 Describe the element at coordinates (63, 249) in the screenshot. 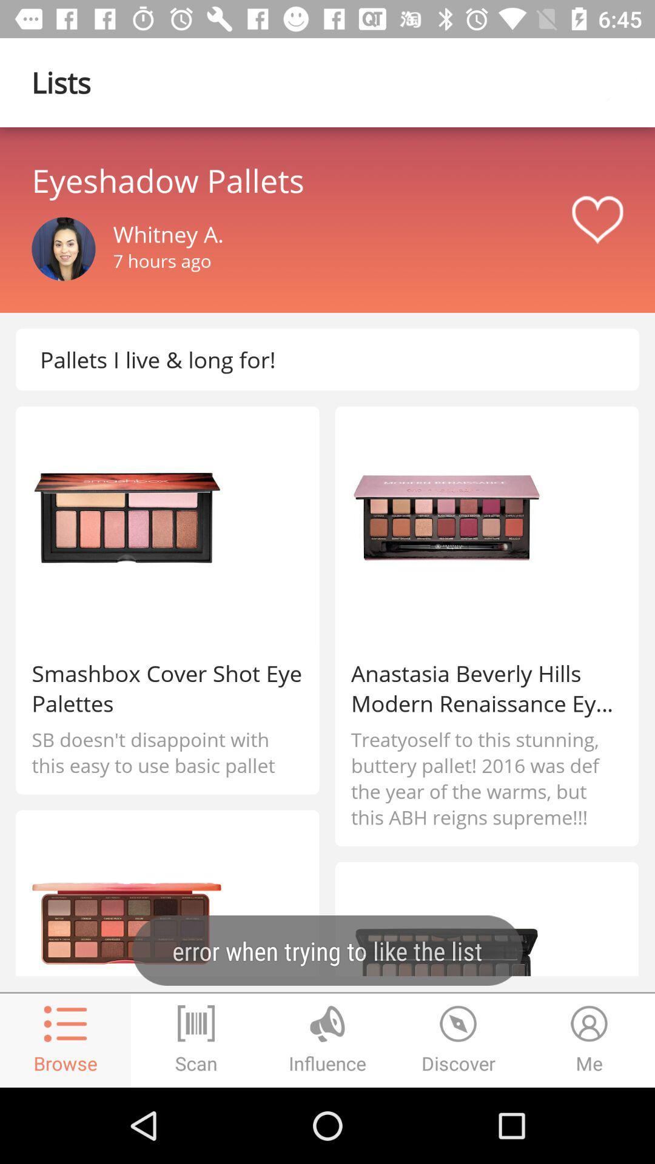

I see `profile` at that location.